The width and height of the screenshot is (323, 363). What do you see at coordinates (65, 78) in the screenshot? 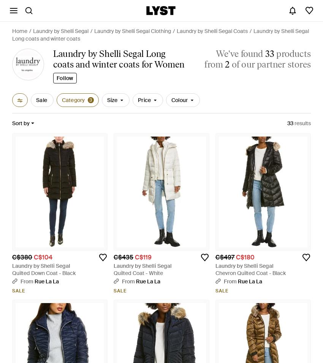
I see `'Follow'` at bounding box center [65, 78].